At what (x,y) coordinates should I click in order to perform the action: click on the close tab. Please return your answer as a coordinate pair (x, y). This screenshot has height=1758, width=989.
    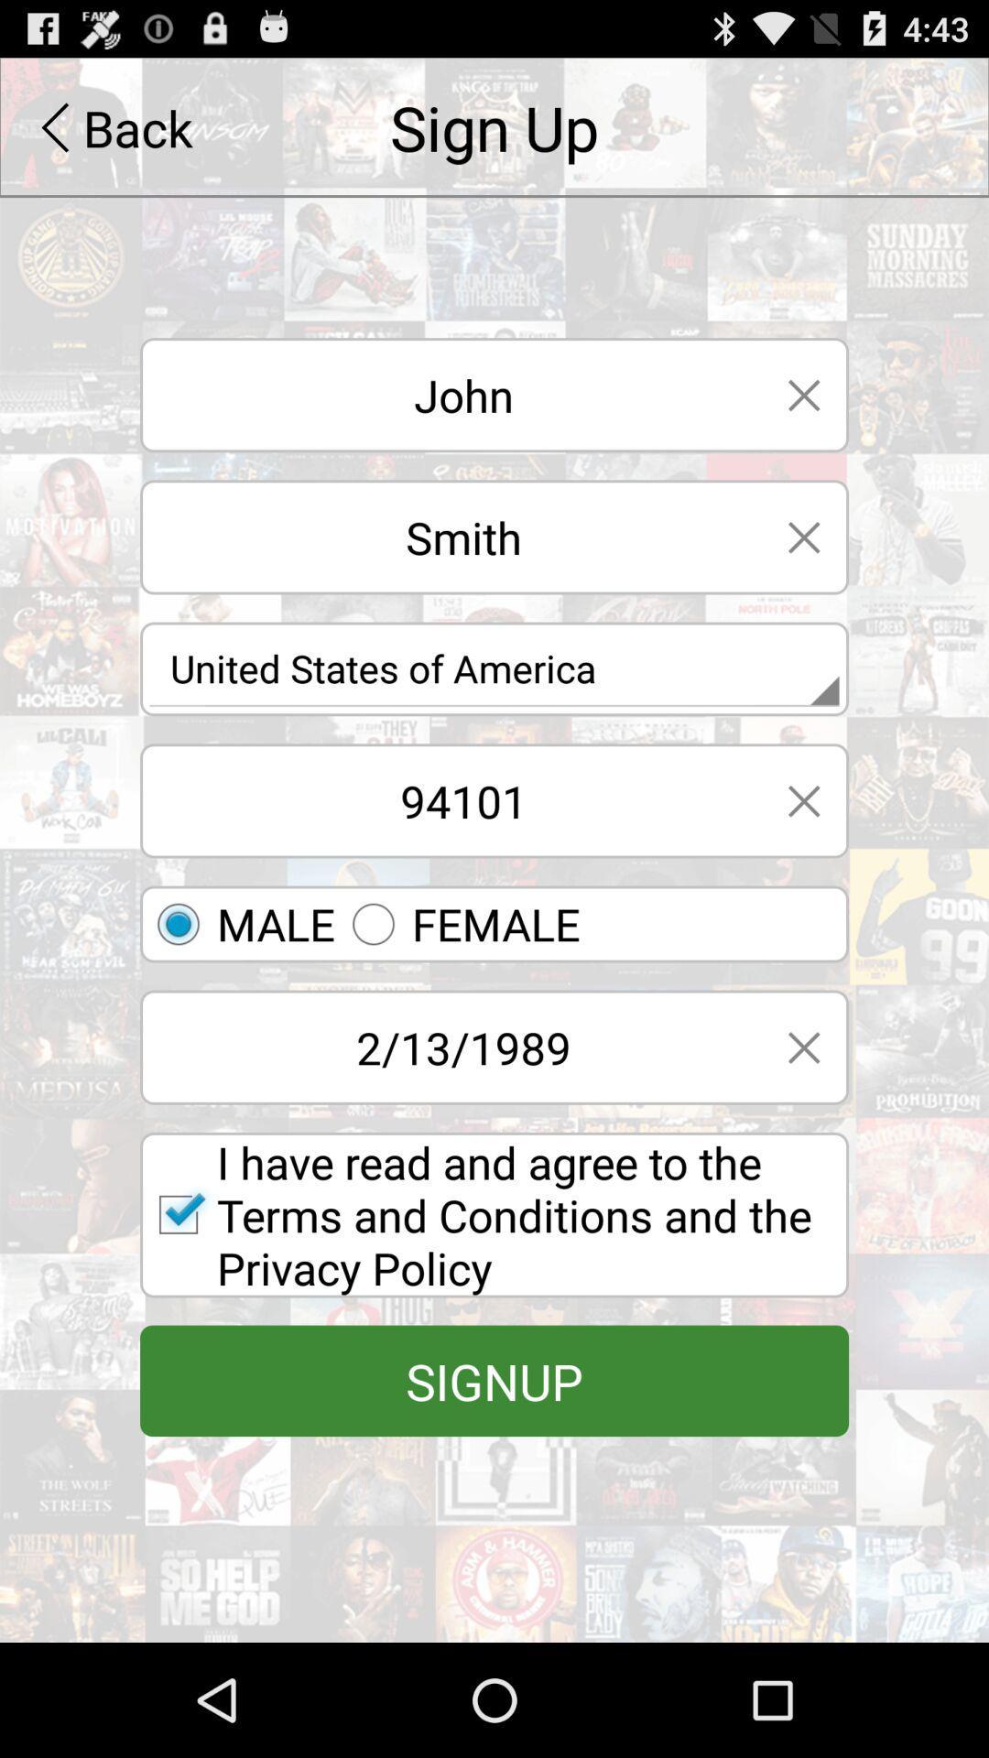
    Looking at the image, I should click on (803, 1047).